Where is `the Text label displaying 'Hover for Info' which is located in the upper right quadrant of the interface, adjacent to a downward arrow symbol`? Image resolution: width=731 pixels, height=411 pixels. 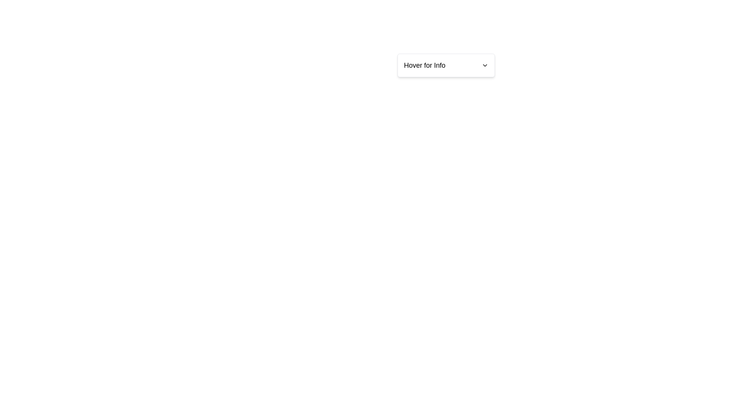 the Text label displaying 'Hover for Info' which is located in the upper right quadrant of the interface, adjacent to a downward arrow symbol is located at coordinates (424, 65).